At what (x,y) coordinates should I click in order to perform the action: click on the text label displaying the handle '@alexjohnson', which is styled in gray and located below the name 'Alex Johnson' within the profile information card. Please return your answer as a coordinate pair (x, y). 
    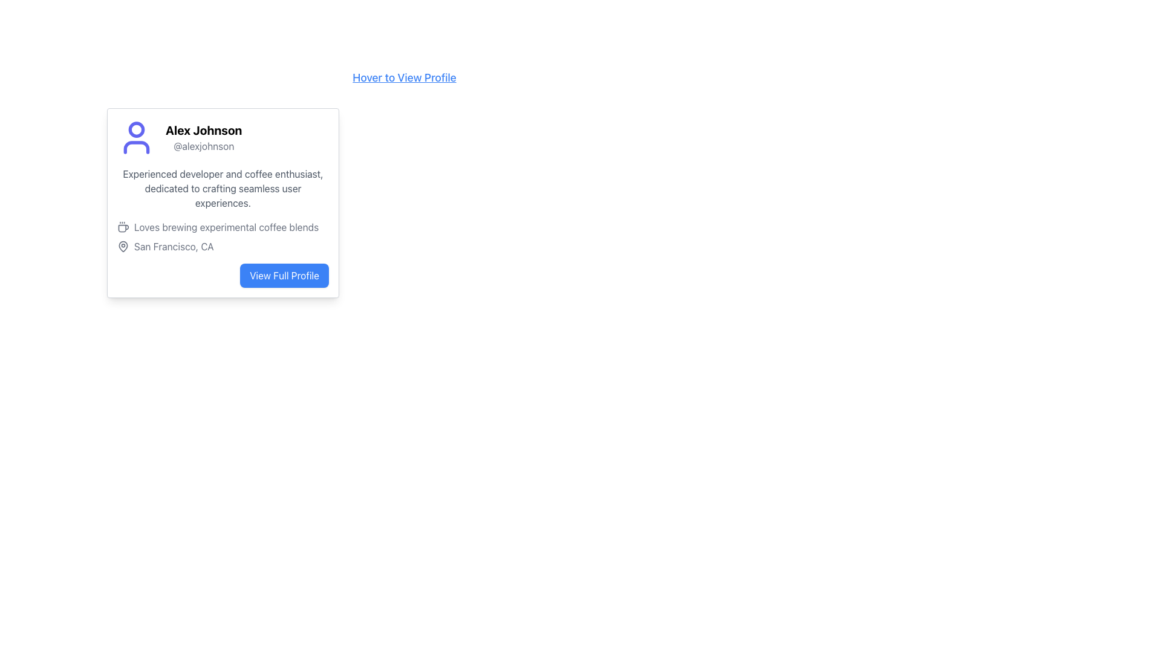
    Looking at the image, I should click on (204, 146).